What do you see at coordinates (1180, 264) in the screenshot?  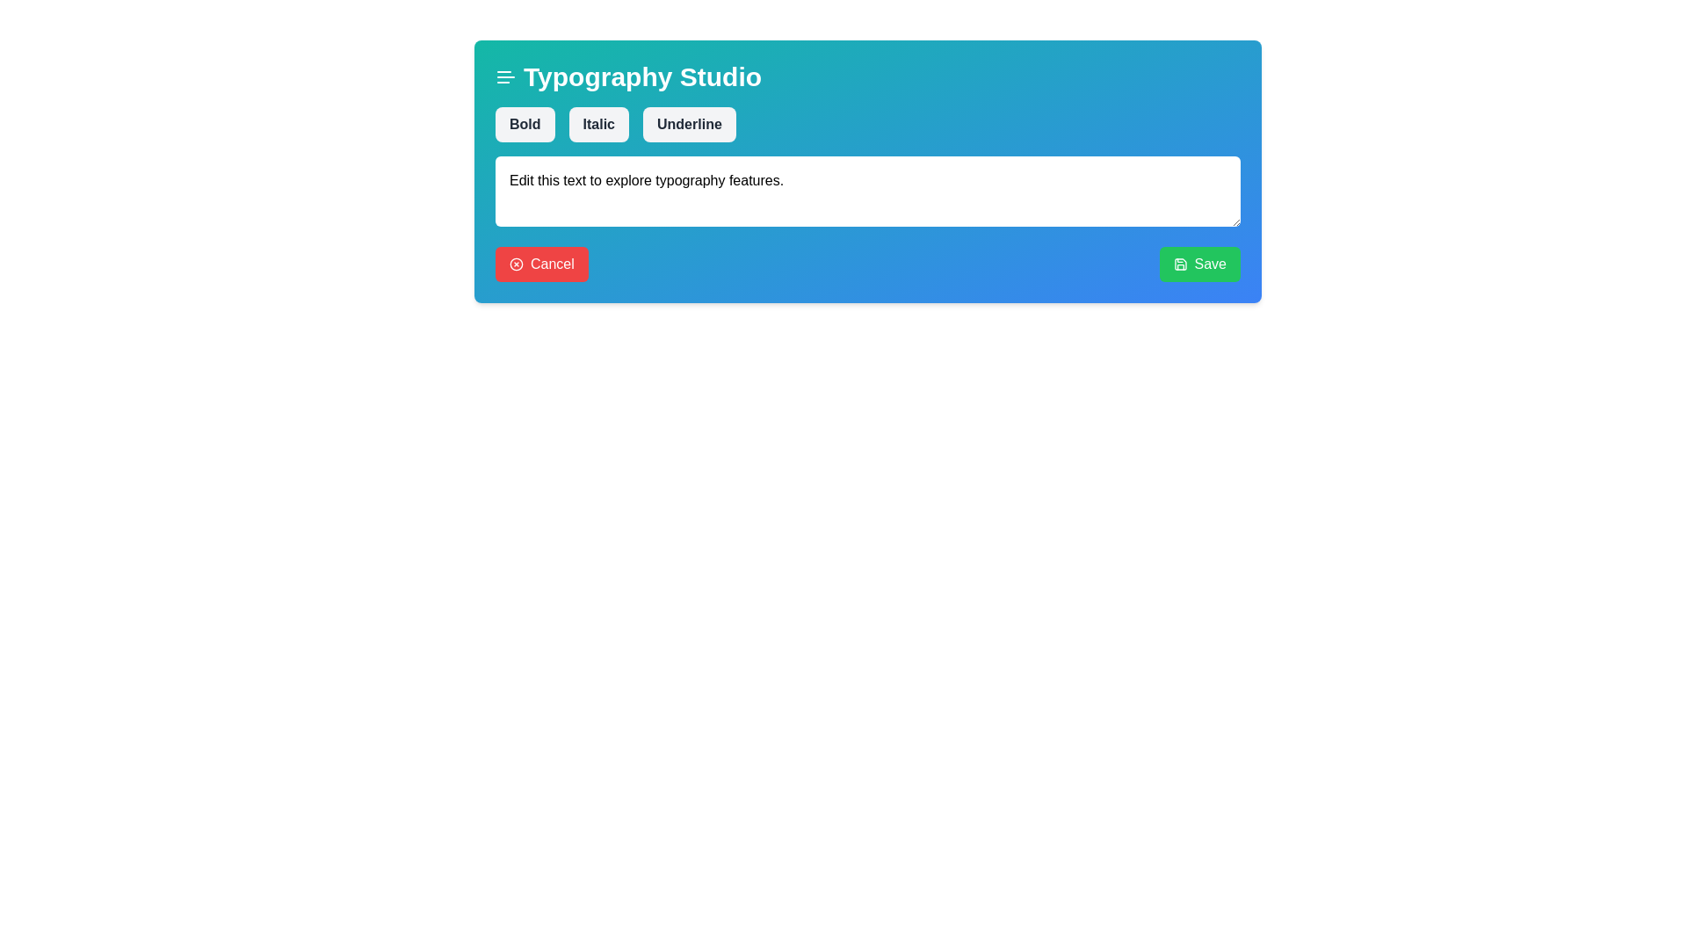 I see `the save button containing the green SVG save icon located in the bottom-right corner of the blue interface panel` at bounding box center [1180, 264].